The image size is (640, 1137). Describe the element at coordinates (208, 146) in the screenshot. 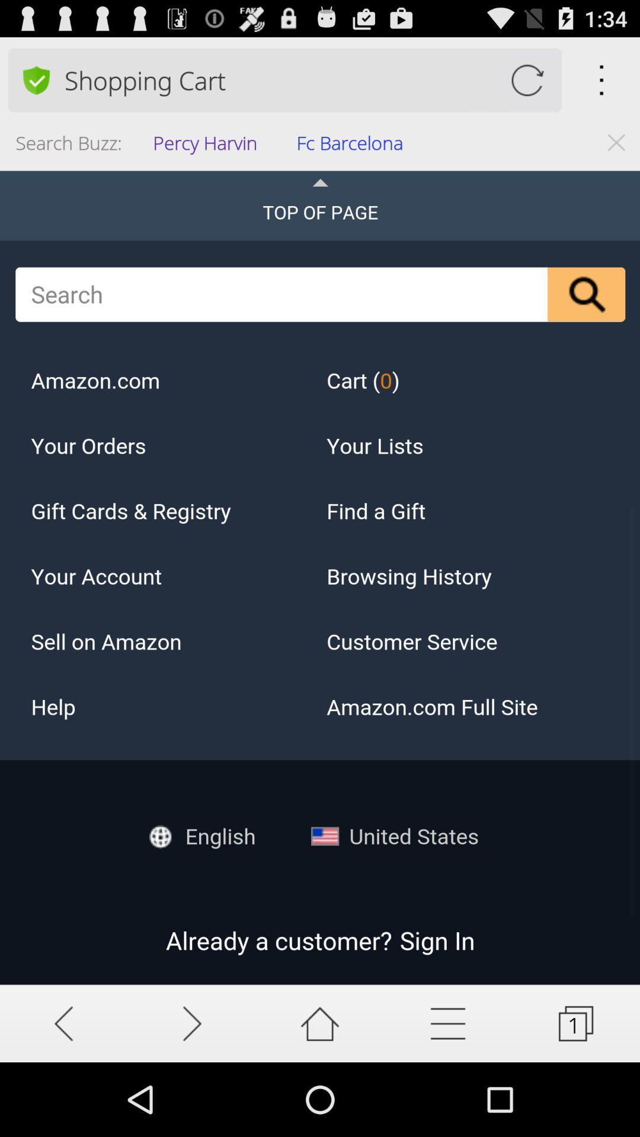

I see `percy harvin icon` at that location.